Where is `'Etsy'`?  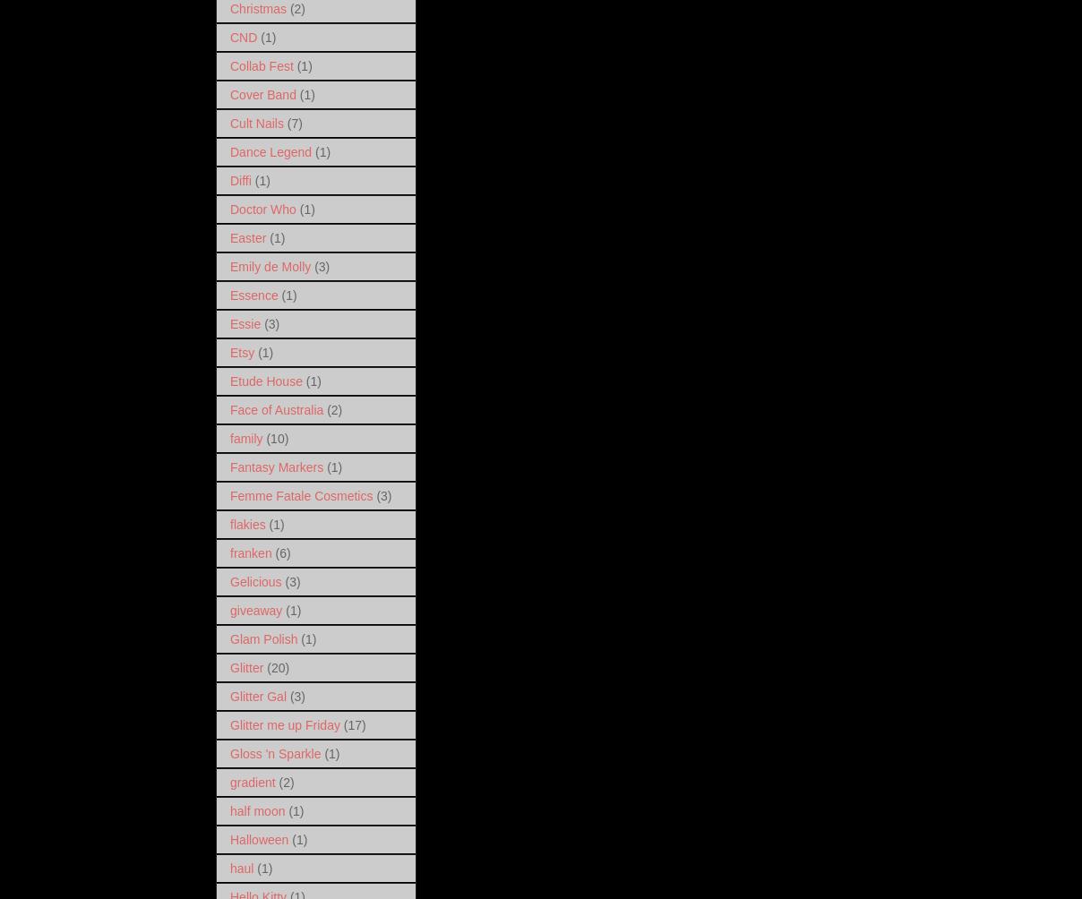
'Etsy' is located at coordinates (242, 350).